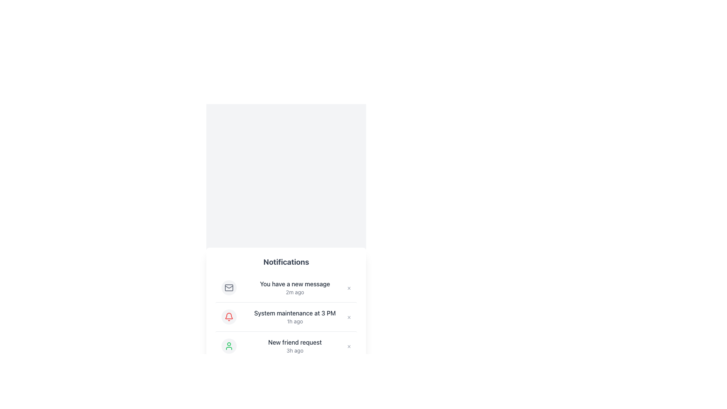 This screenshot has width=727, height=409. What do you see at coordinates (228, 346) in the screenshot?
I see `the circular user profile icon with a green outline located in the leftmost position of the 'New friend request' notification entry` at bounding box center [228, 346].